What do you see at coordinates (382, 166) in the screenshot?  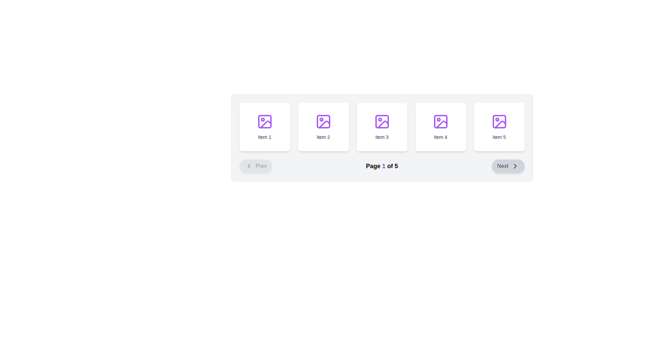 I see `the 'Page 1 of 5' text label element in the pagination interface, located centrally between the 'Prev' and 'Next' buttons` at bounding box center [382, 166].